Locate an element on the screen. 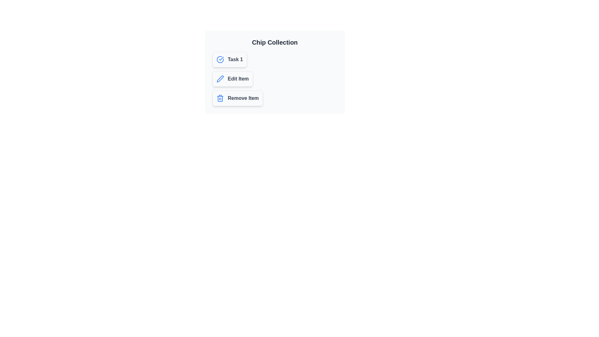 The image size is (599, 337). the text label of the chip labeled 'Task 1' is located at coordinates (235, 60).